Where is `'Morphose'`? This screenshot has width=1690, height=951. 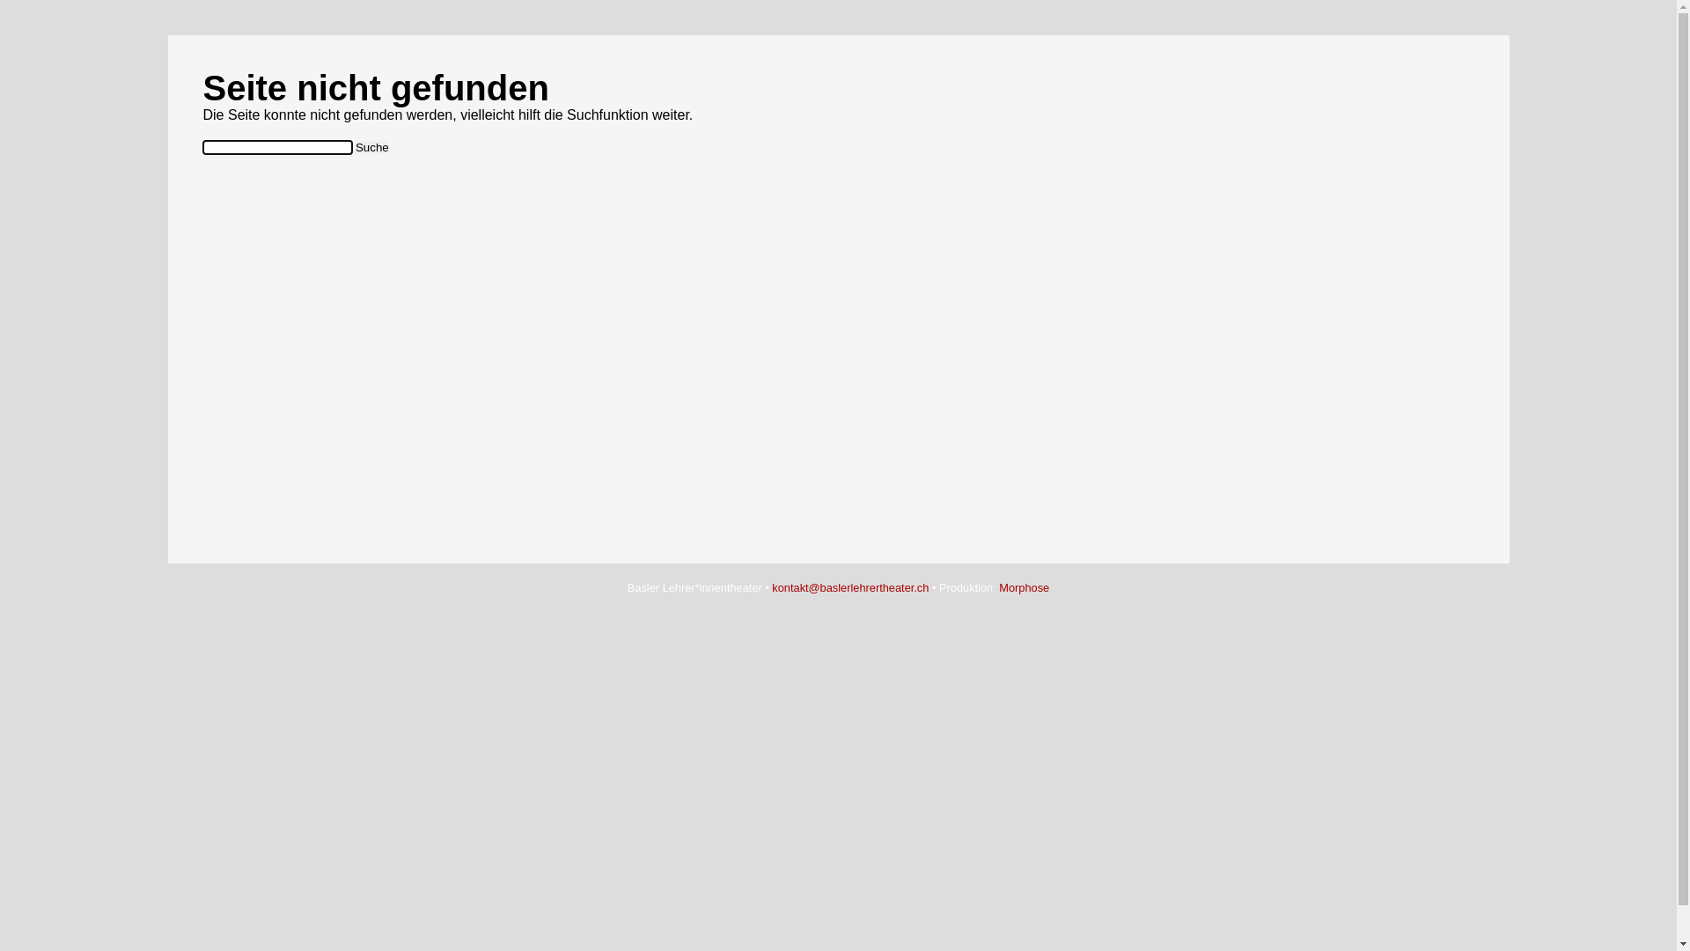 'Morphose' is located at coordinates (1024, 587).